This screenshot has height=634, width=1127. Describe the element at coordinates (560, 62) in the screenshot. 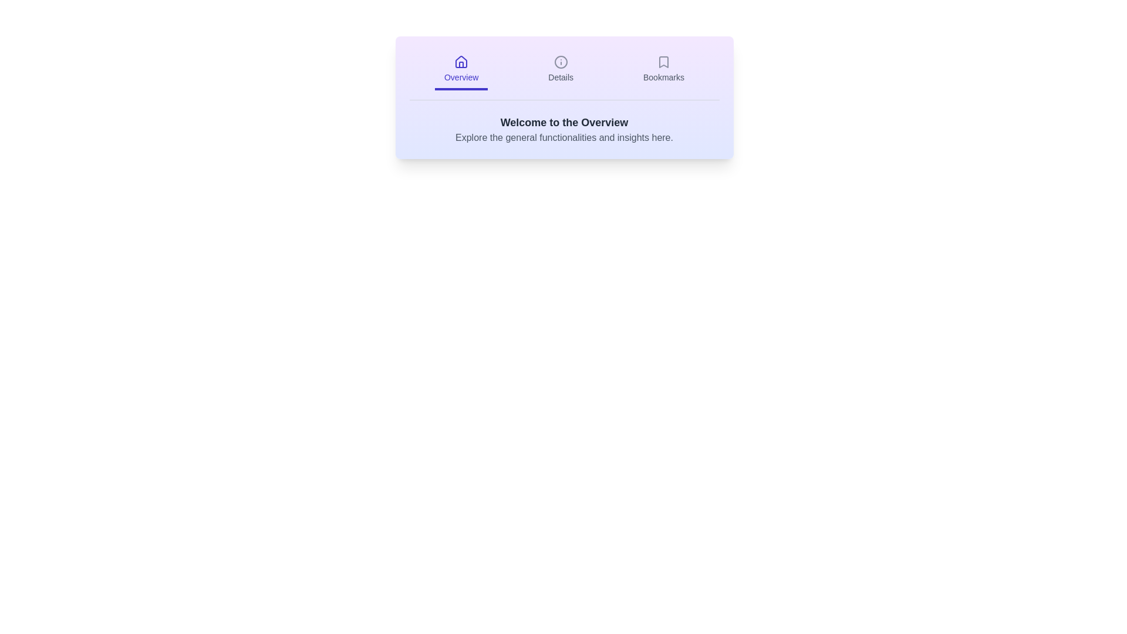

I see `the medium-sized gray outlined circle that serves as the background for an information icon located in the middle of the navigation bar, positioned between the 'Overview' and 'Bookmarks' icons` at that location.